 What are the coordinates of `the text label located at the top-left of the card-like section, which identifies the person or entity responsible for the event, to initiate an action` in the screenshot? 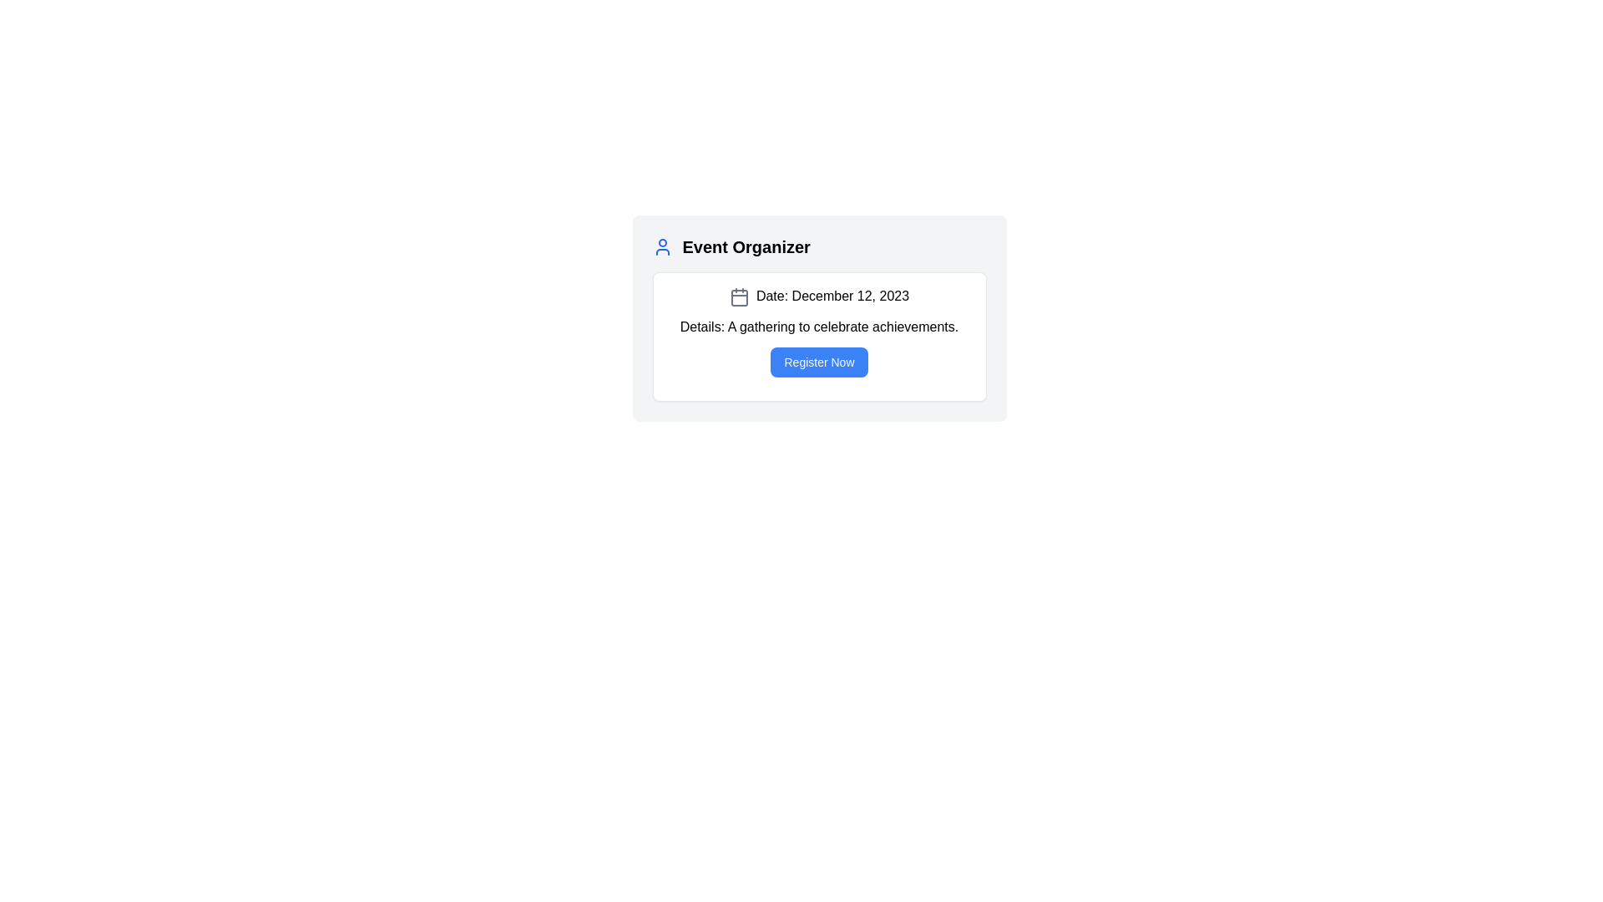 It's located at (745, 247).